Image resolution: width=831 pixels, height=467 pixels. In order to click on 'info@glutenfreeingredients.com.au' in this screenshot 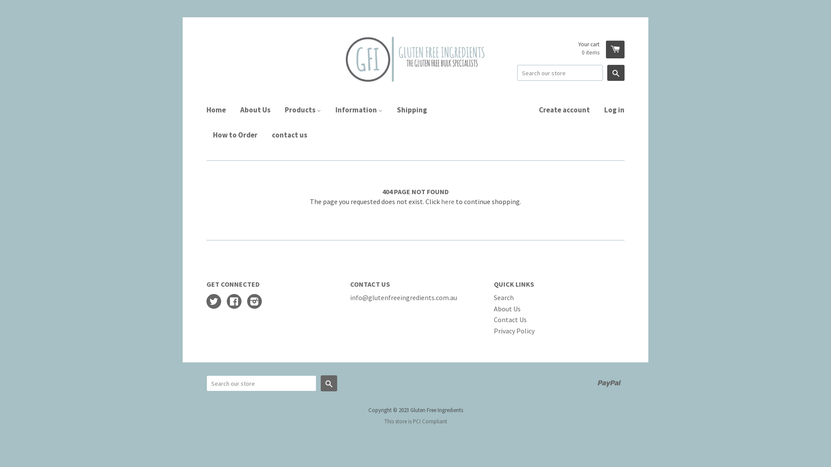, I will do `click(403, 297)`.